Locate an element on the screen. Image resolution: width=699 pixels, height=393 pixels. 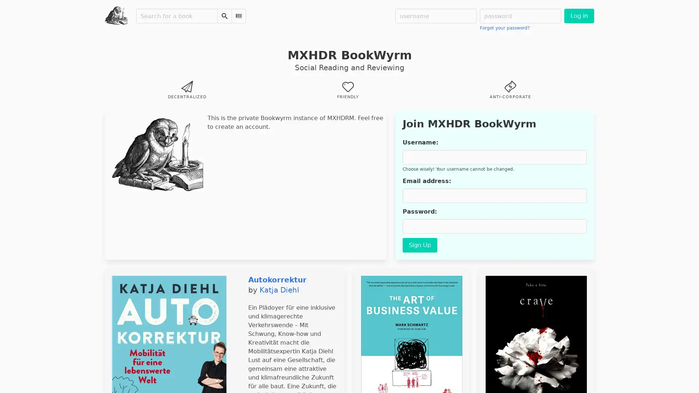
Scan Barcode is located at coordinates (239, 16).